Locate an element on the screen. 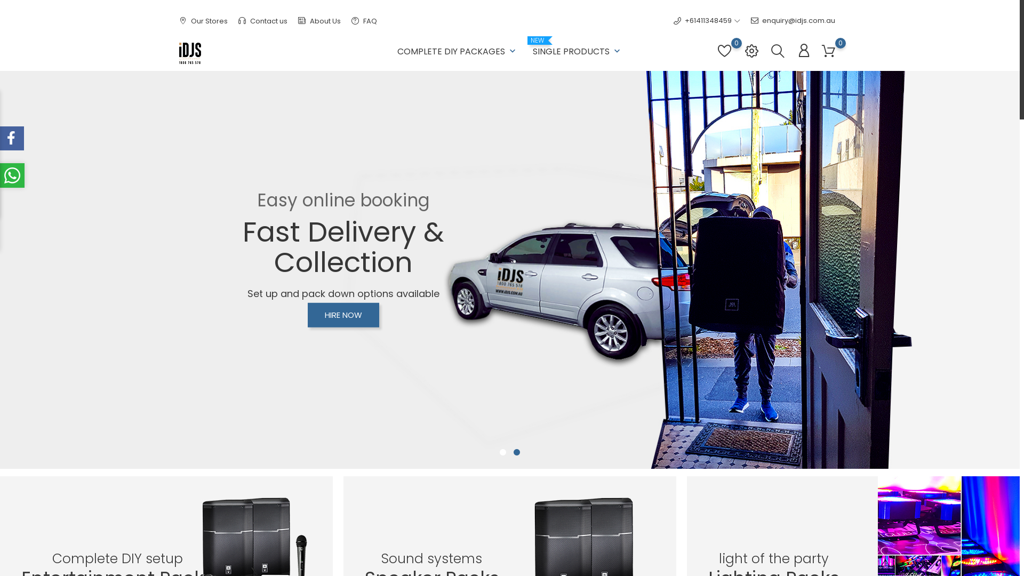 The height and width of the screenshot is (576, 1024). 'COMPLETE DIY PACKAGES keyboard_arrow_down' is located at coordinates (458, 49).